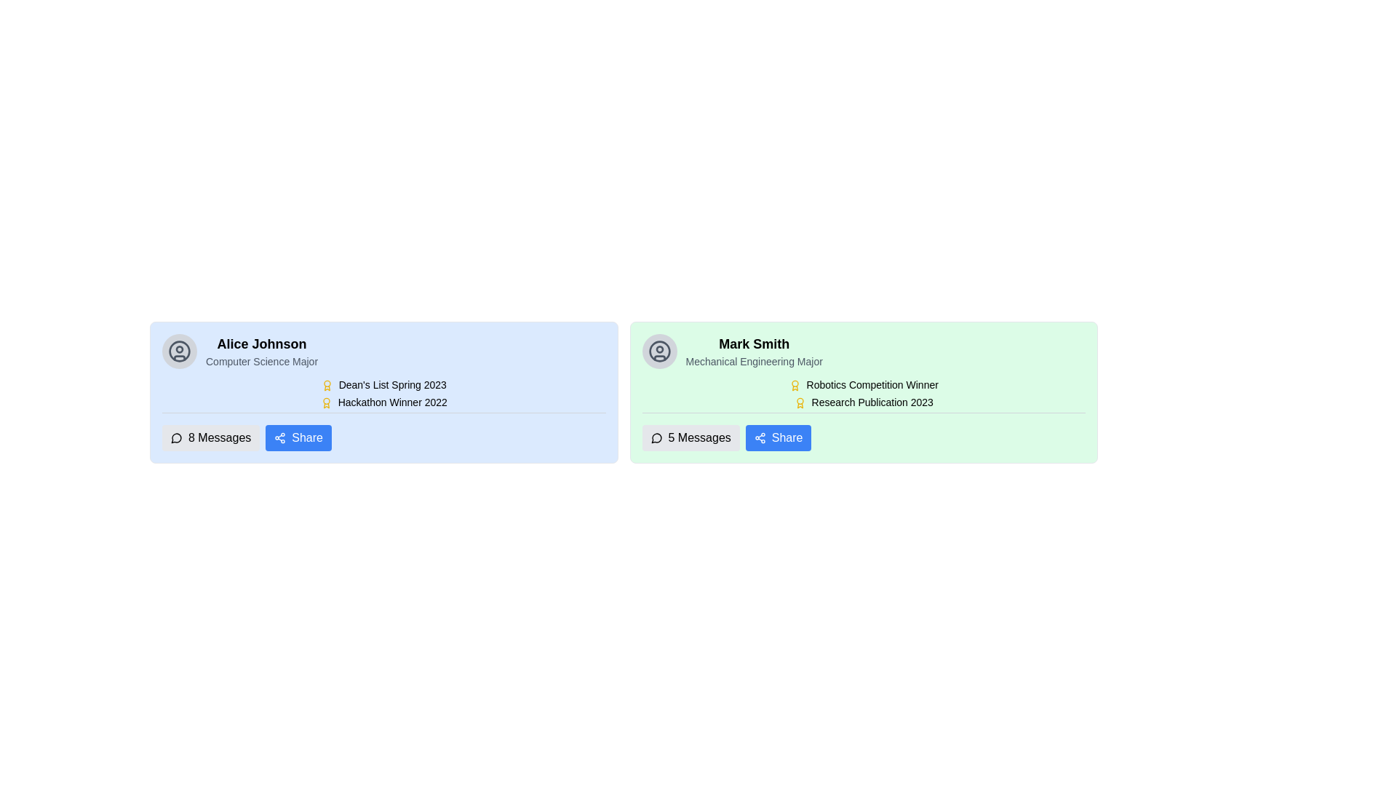 Image resolution: width=1397 pixels, height=786 pixels. What do you see at coordinates (658, 351) in the screenshot?
I see `the outer circular component of the user profile icon located in the top-left corner of the right card for identification` at bounding box center [658, 351].